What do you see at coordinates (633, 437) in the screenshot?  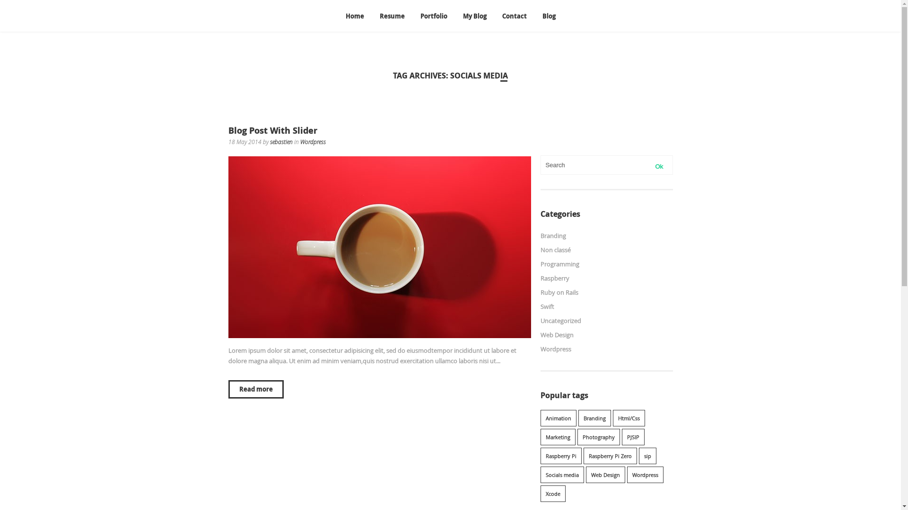 I see `'PJSIP'` at bounding box center [633, 437].